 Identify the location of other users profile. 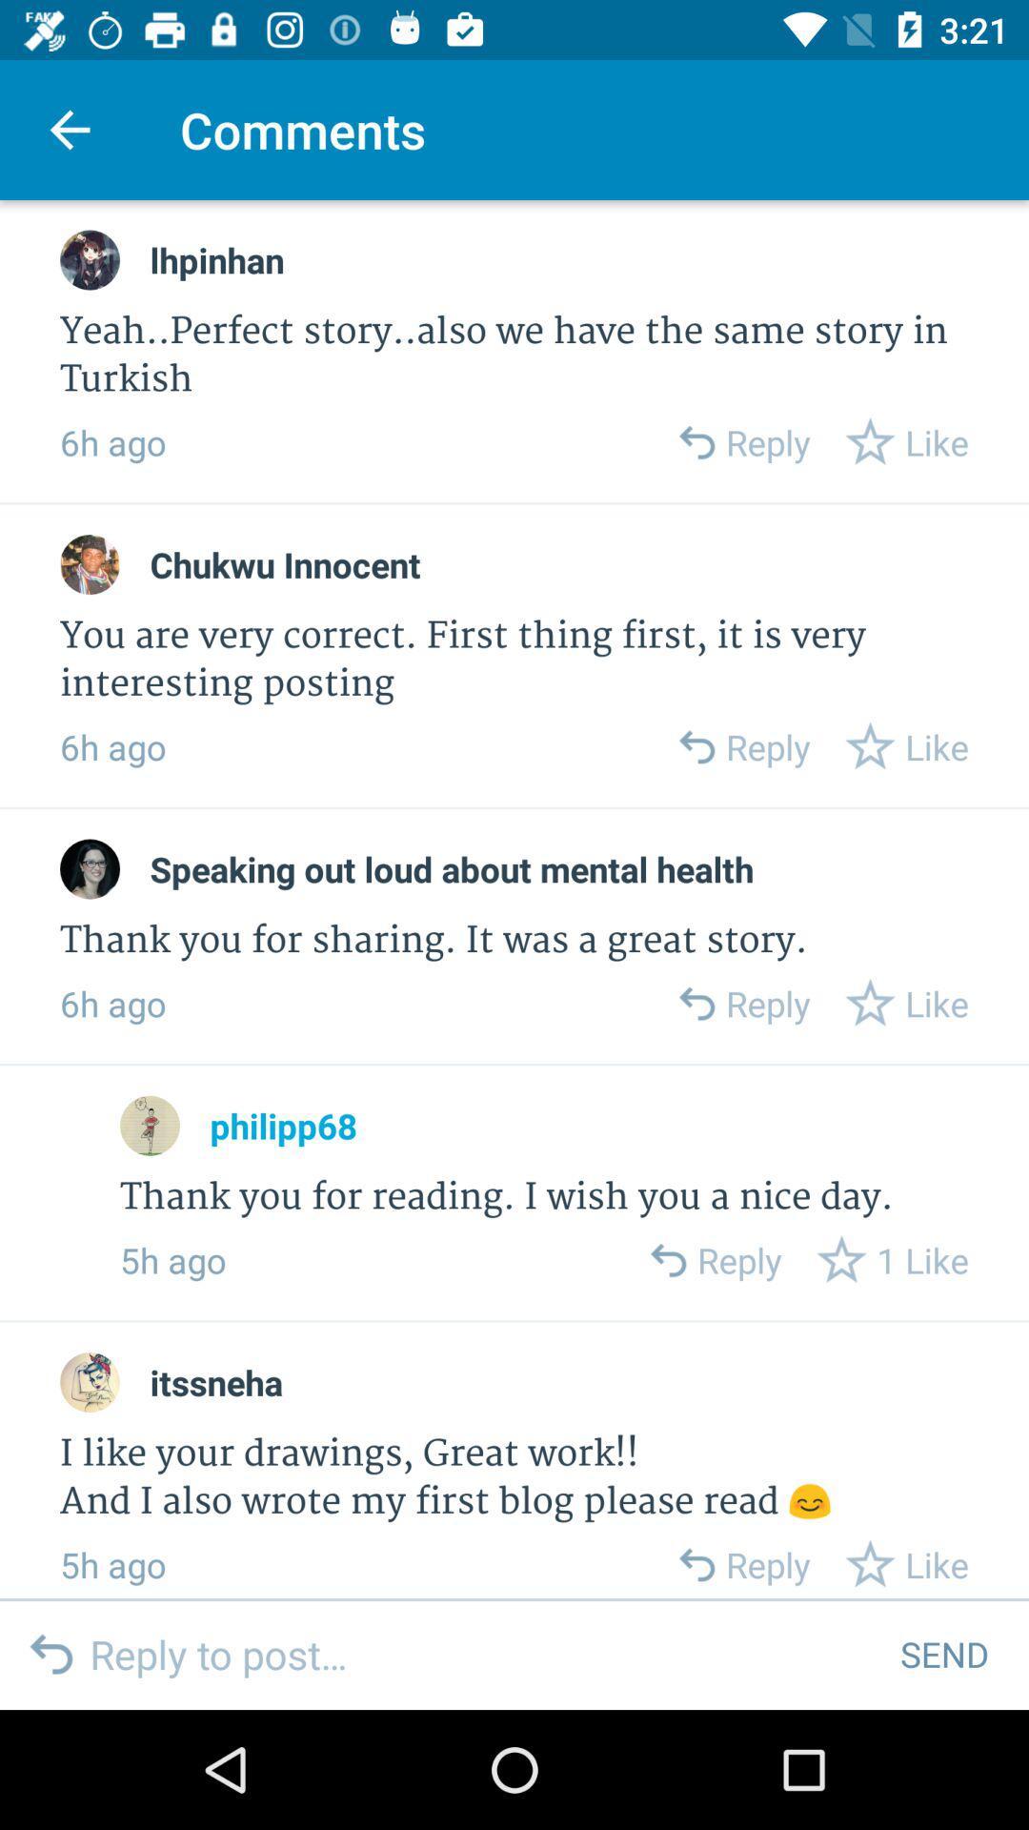
(90, 259).